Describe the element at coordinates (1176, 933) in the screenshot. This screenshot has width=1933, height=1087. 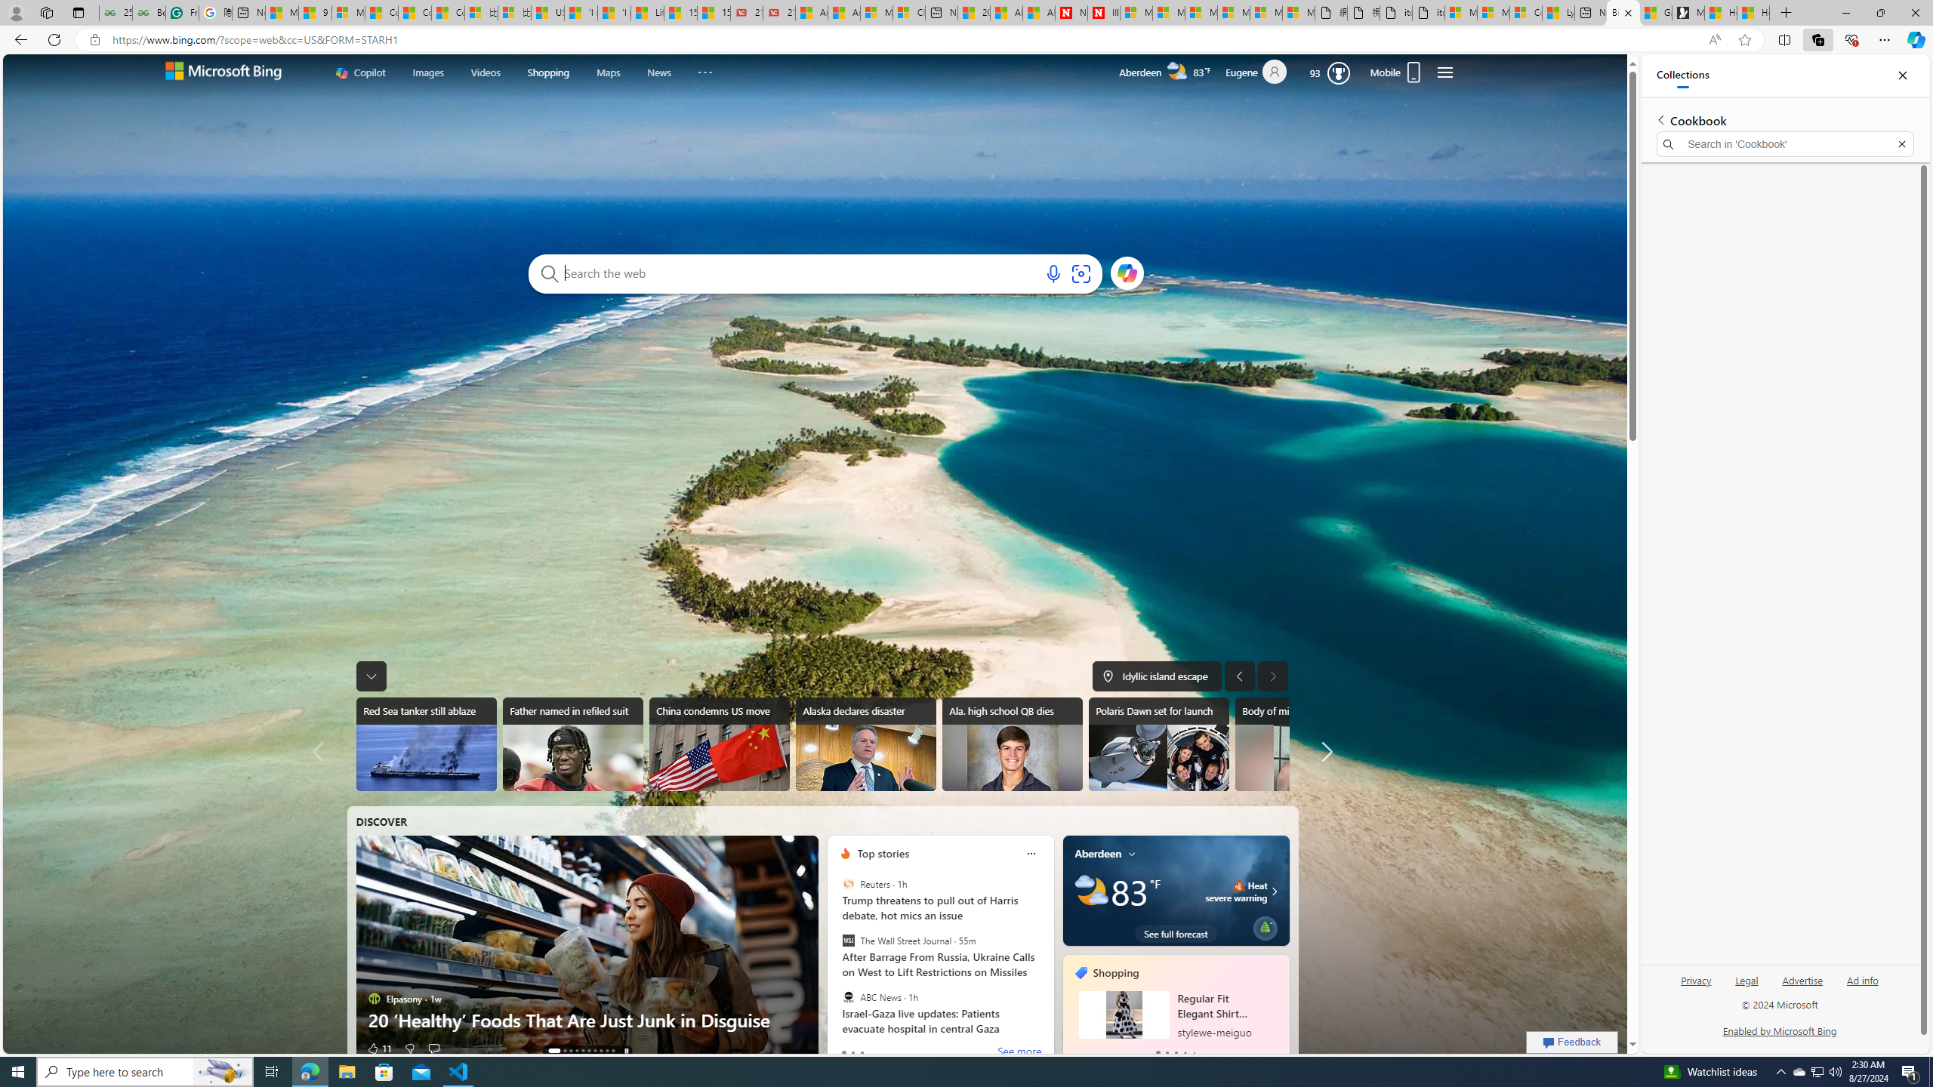
I see `'See full forecast'` at that location.